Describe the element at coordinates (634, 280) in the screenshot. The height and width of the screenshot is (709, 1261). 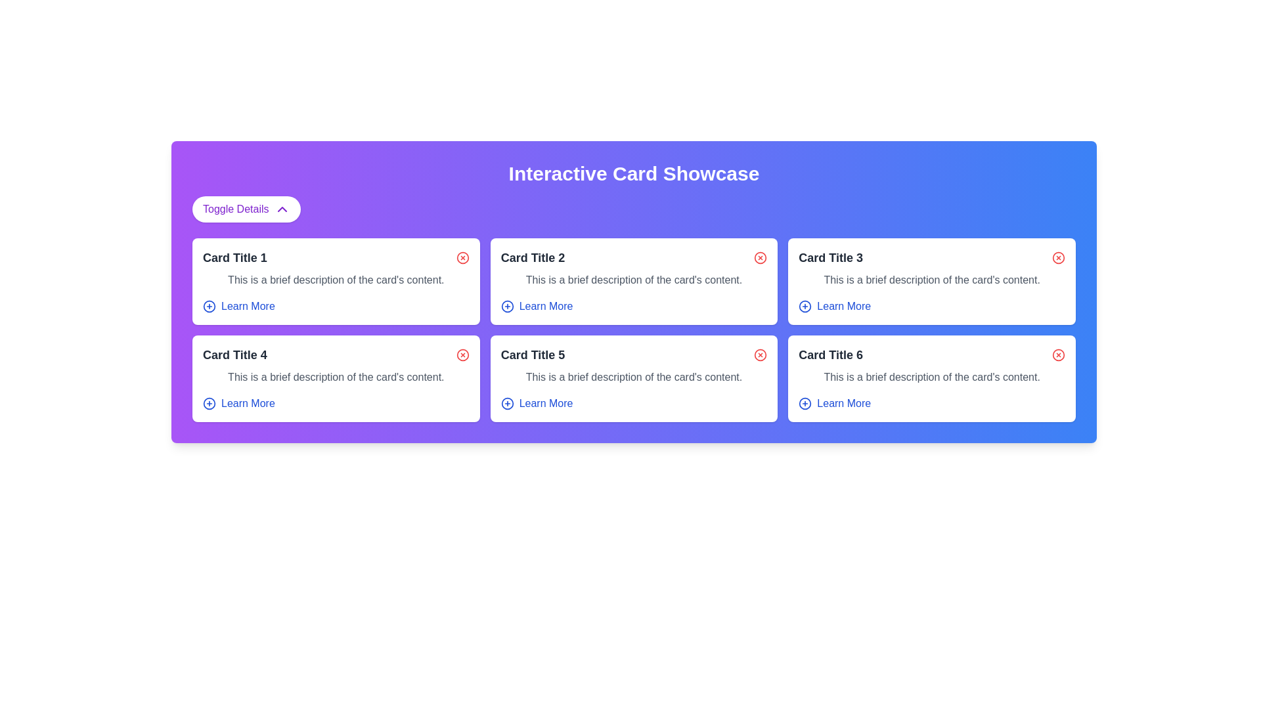
I see `the textual content area that displays 'This is a brief description of the card's content.' located in the second card of the first row, below 'Card Title 2' and above the 'Learn More' link` at that location.